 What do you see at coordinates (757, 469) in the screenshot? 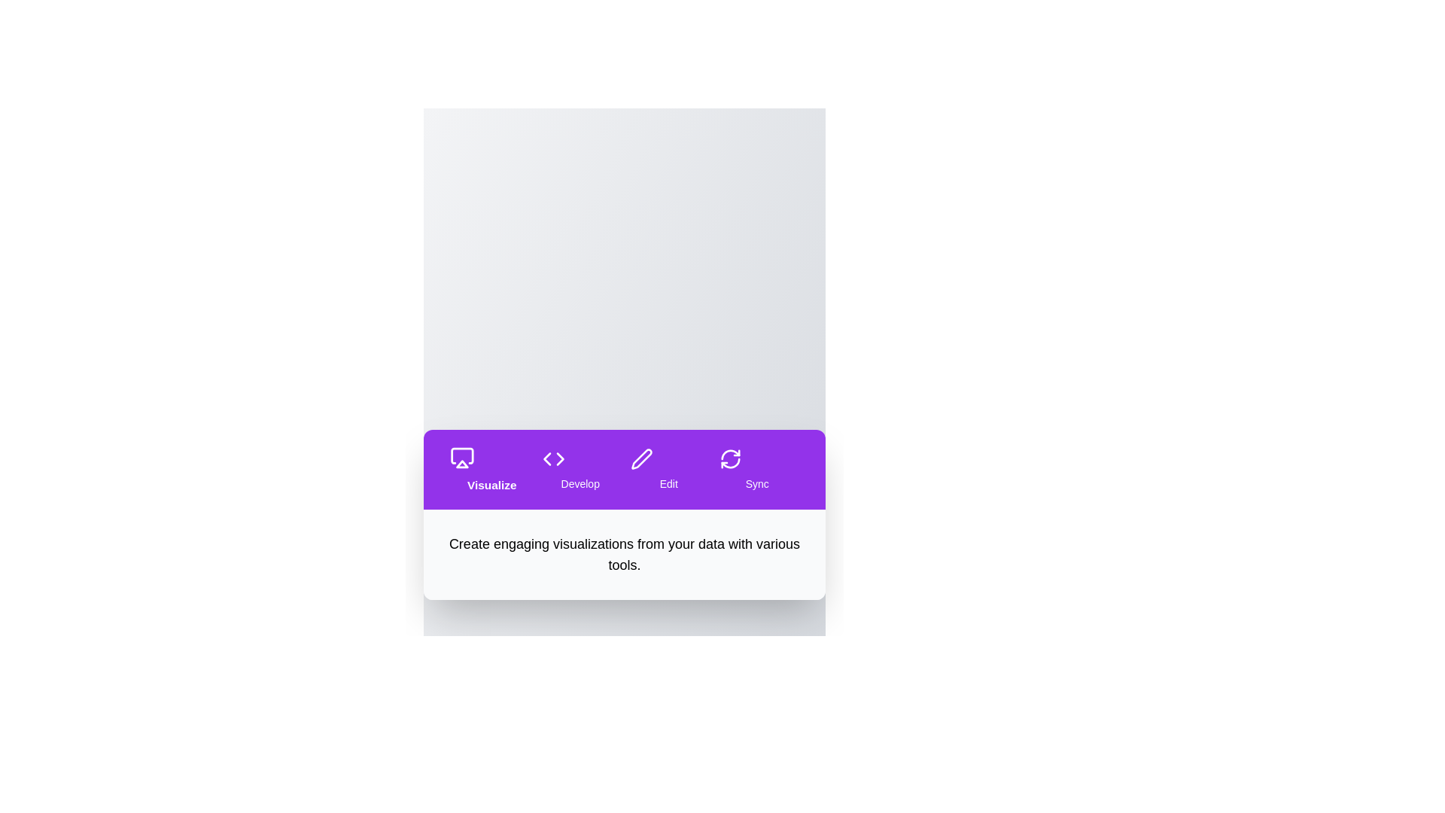
I see `the tab labeled Sync to observe its hover effect` at bounding box center [757, 469].